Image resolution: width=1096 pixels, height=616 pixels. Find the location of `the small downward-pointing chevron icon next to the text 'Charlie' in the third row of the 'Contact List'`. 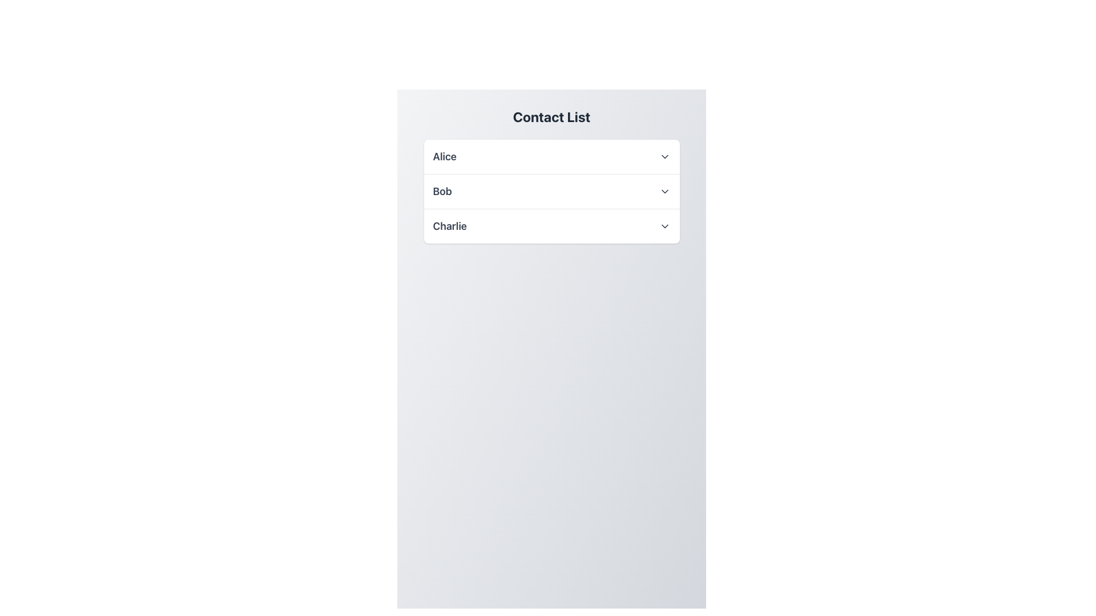

the small downward-pointing chevron icon next to the text 'Charlie' in the third row of the 'Contact List' is located at coordinates (664, 226).